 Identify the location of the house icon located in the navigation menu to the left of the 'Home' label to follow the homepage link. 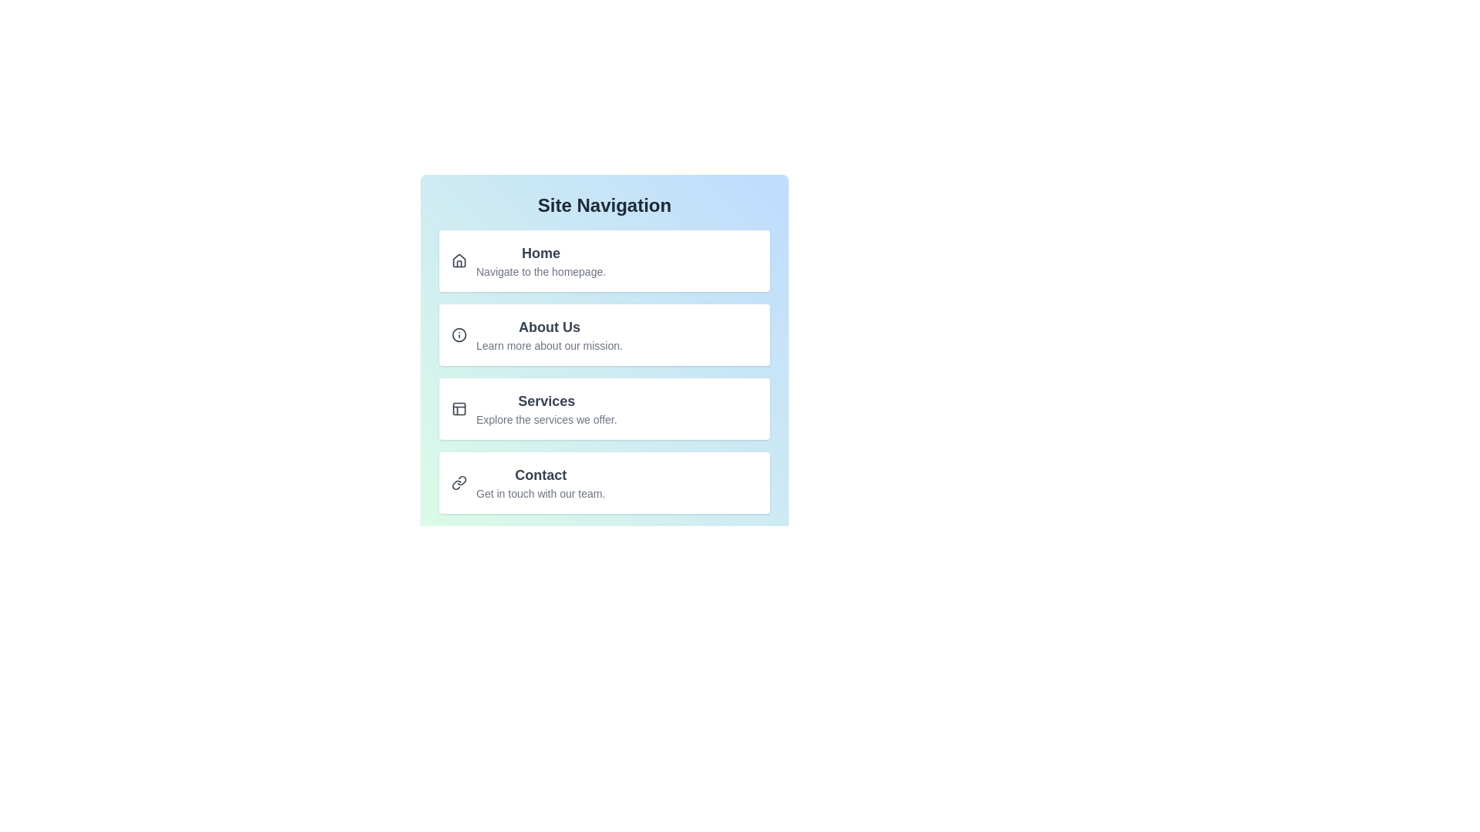
(458, 260).